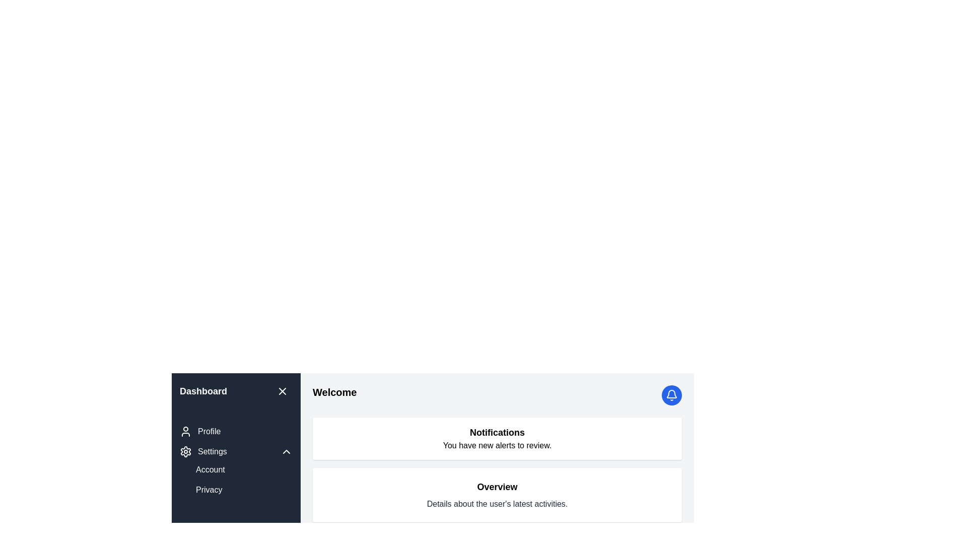 The image size is (967, 544). What do you see at coordinates (497, 445) in the screenshot?
I see `the text label that says 'You have new alerts to review.', which is located below the 'Notifications' header in the dashboard` at bounding box center [497, 445].